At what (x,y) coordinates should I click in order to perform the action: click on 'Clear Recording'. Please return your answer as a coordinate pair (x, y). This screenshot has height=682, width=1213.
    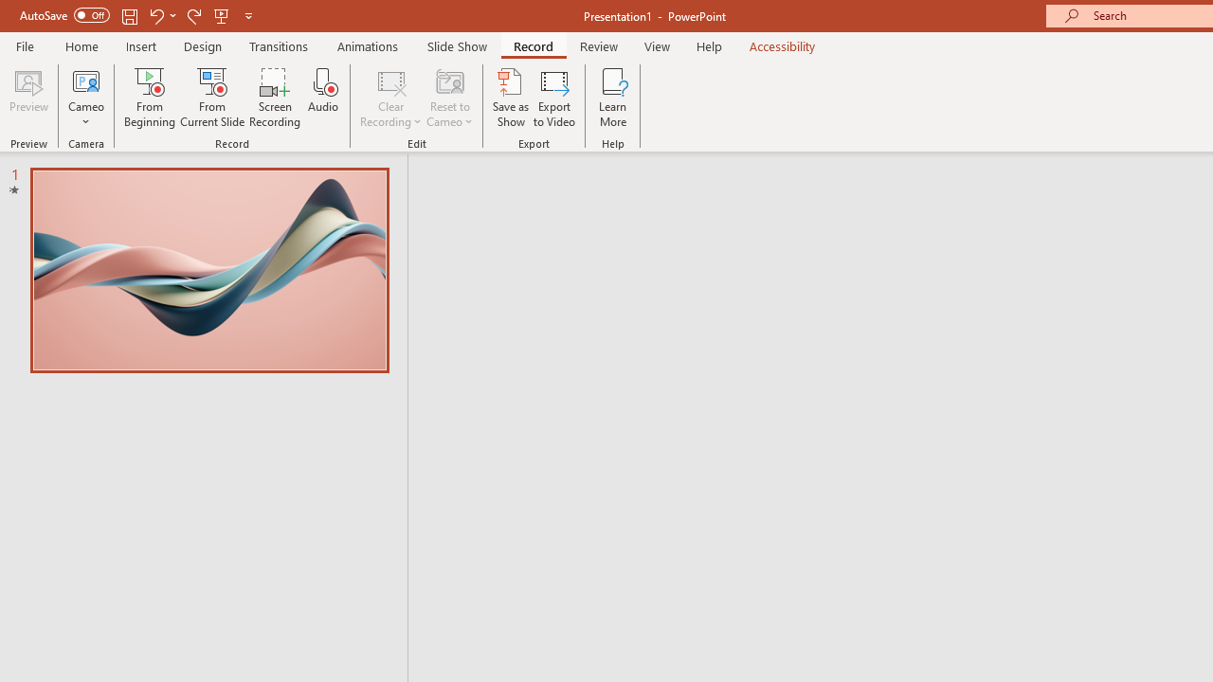
    Looking at the image, I should click on (389, 98).